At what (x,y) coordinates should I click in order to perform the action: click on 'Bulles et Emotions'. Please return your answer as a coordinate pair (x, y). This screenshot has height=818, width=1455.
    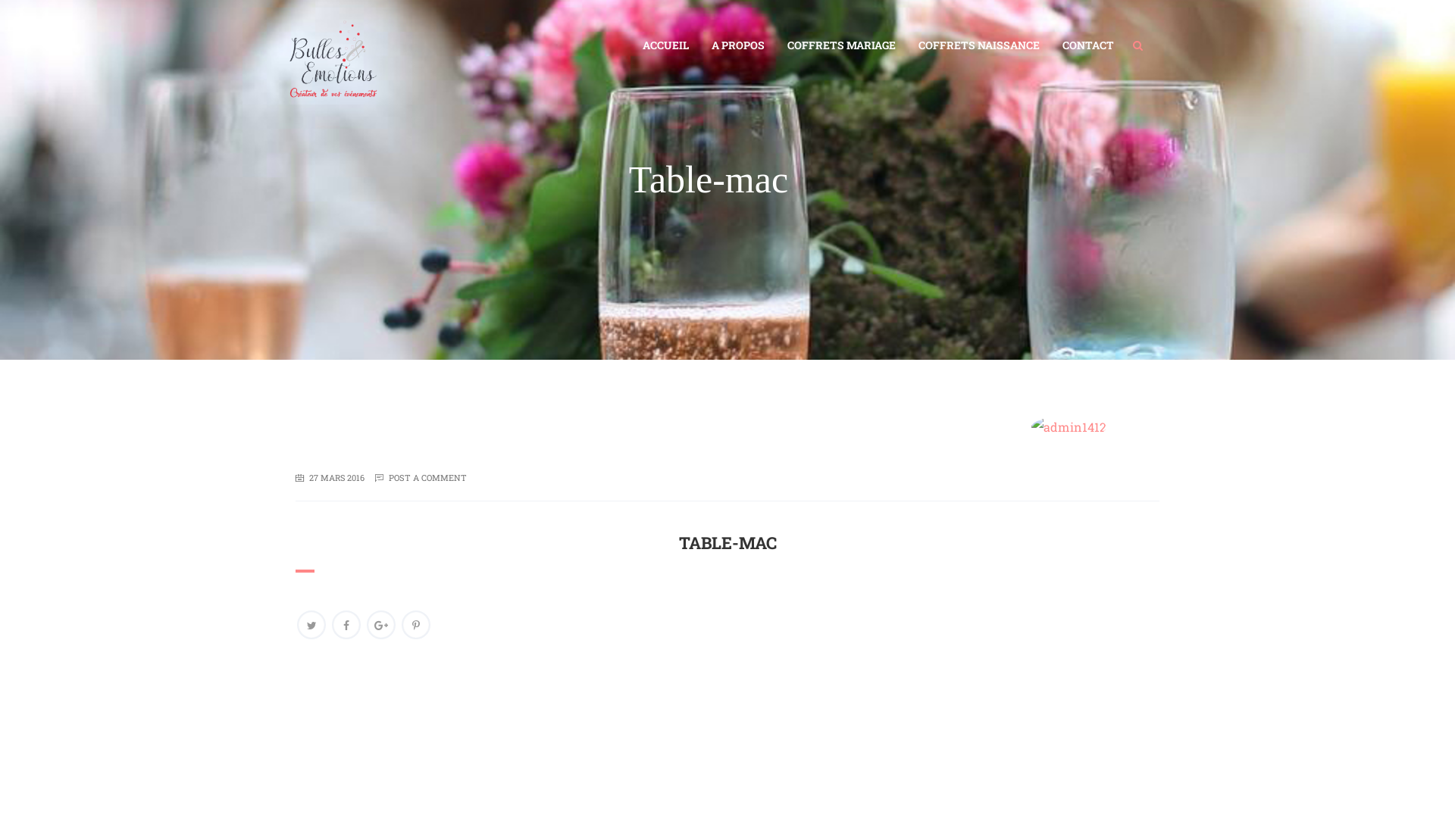
    Looking at the image, I should click on (283, 38).